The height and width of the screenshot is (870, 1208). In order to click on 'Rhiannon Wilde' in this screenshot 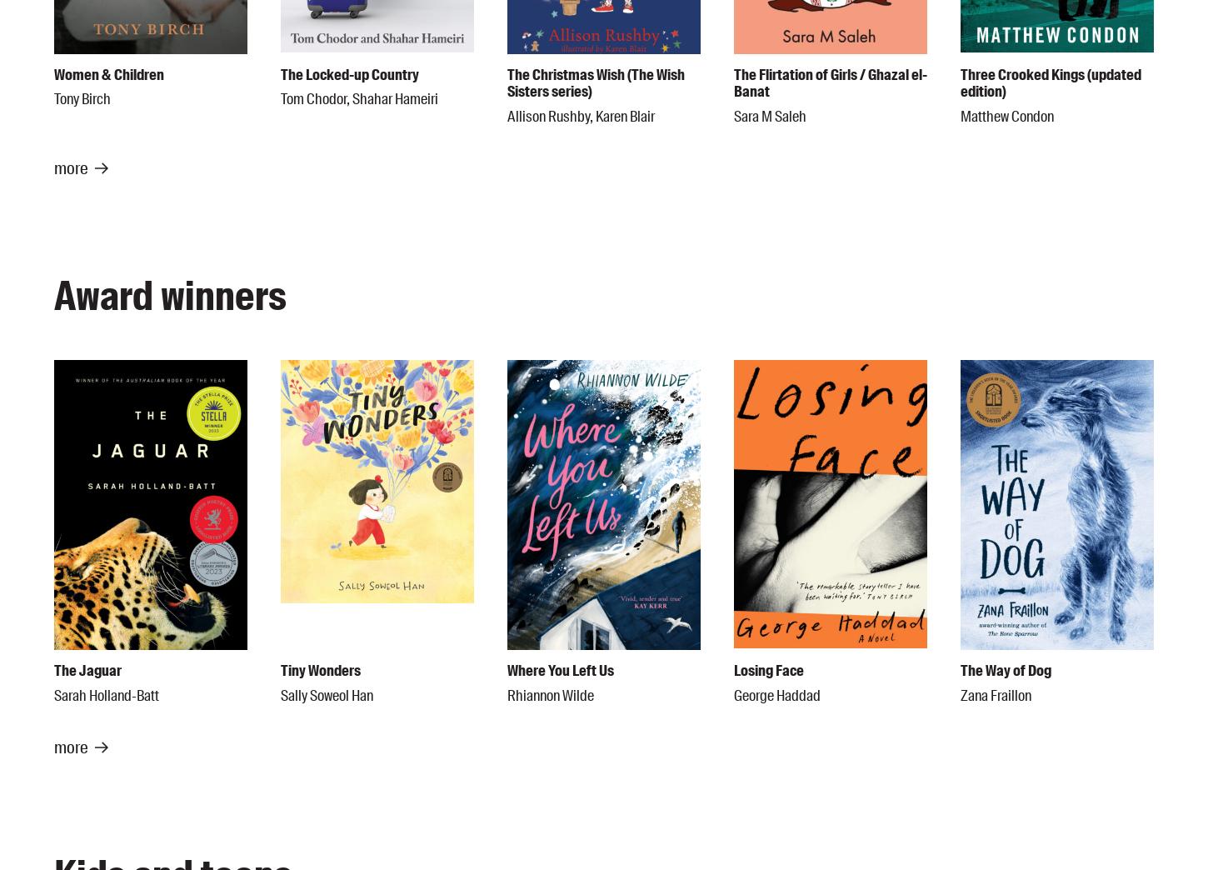, I will do `click(550, 694)`.